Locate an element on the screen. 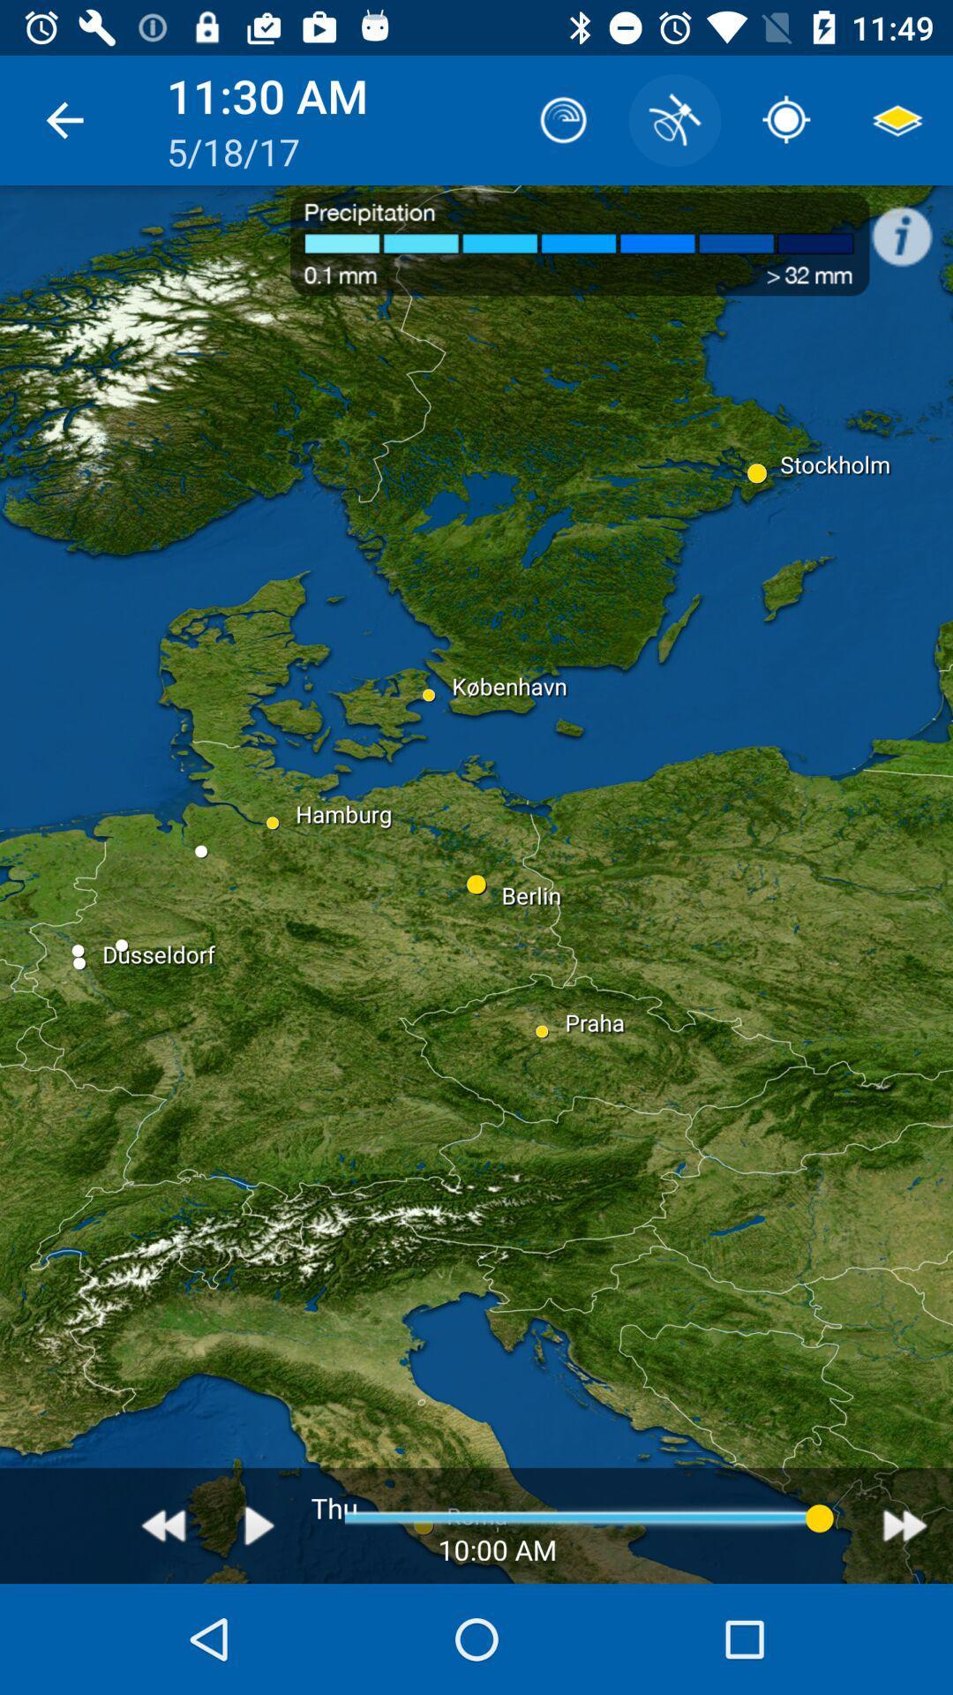  retroceder a hora is located at coordinates (163, 1525).